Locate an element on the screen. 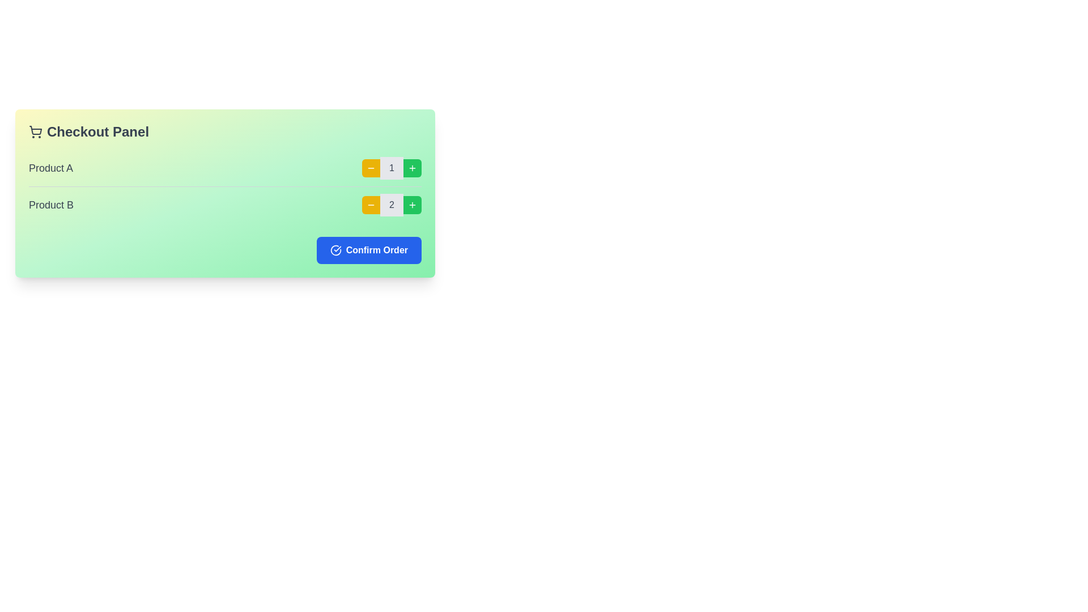 The width and height of the screenshot is (1088, 612). the green rectangular button with rounded right corners and a centered plus icon is located at coordinates (412, 168).